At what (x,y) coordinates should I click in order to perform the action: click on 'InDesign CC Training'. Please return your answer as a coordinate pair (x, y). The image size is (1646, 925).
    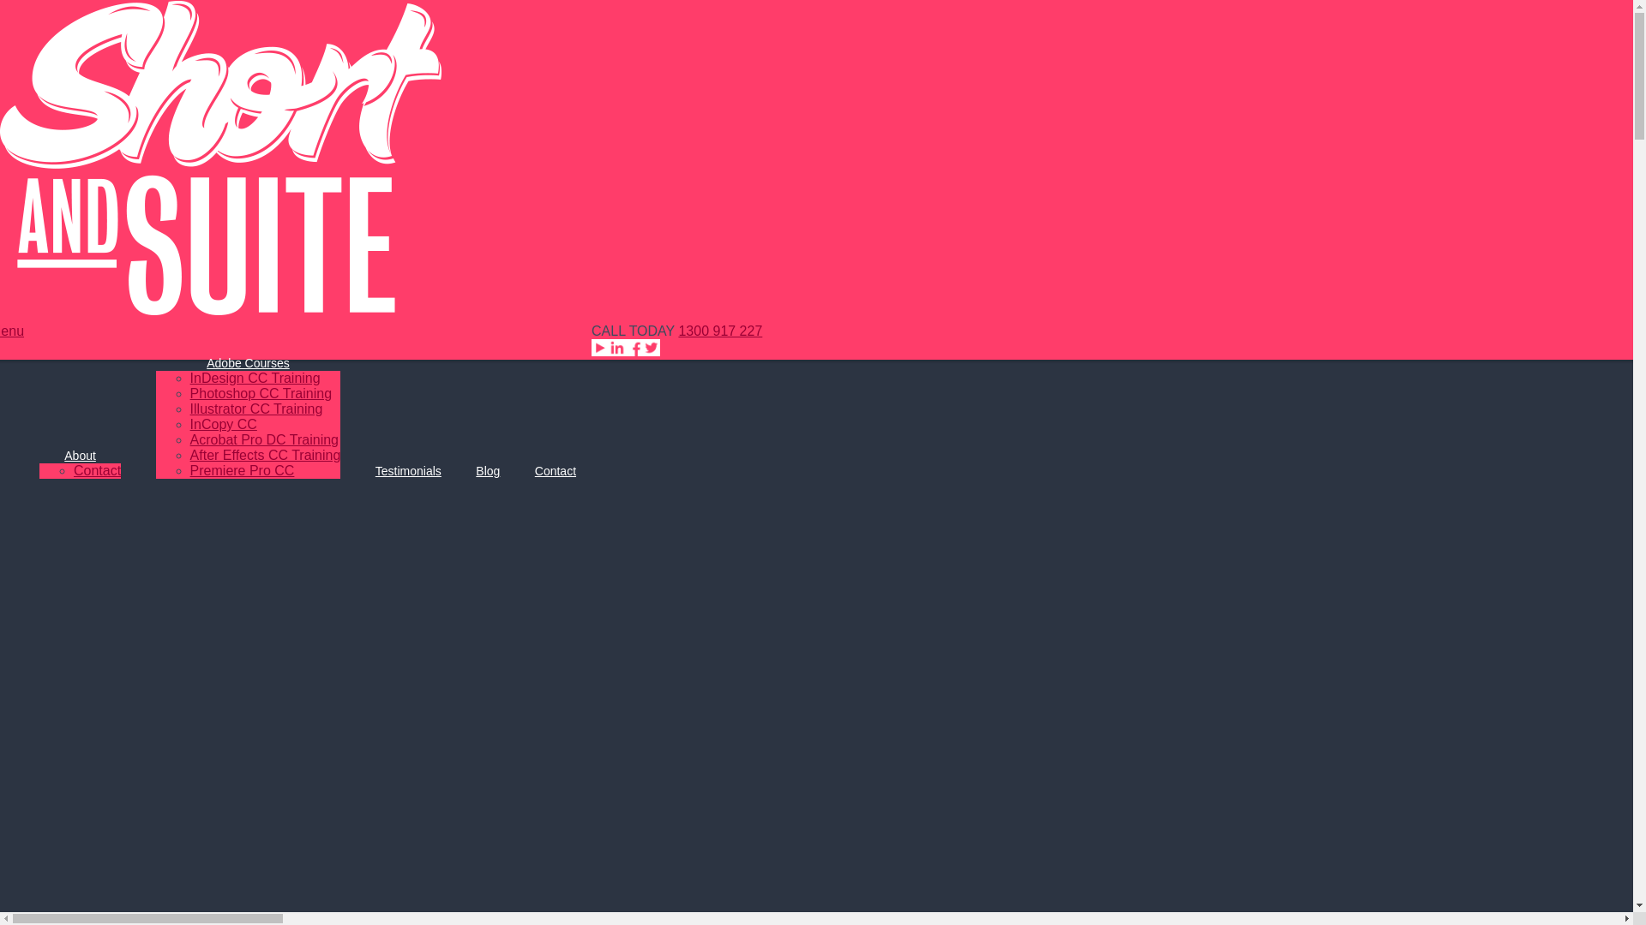
    Looking at the image, I should click on (254, 377).